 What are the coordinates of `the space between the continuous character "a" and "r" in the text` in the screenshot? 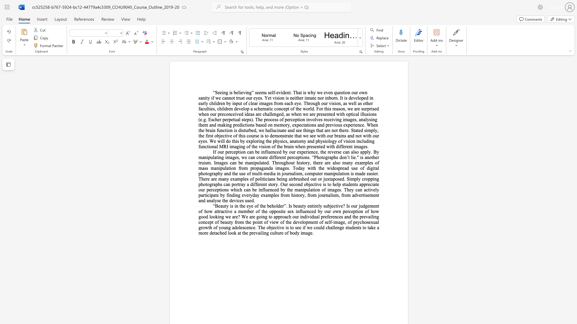 It's located at (203, 195).